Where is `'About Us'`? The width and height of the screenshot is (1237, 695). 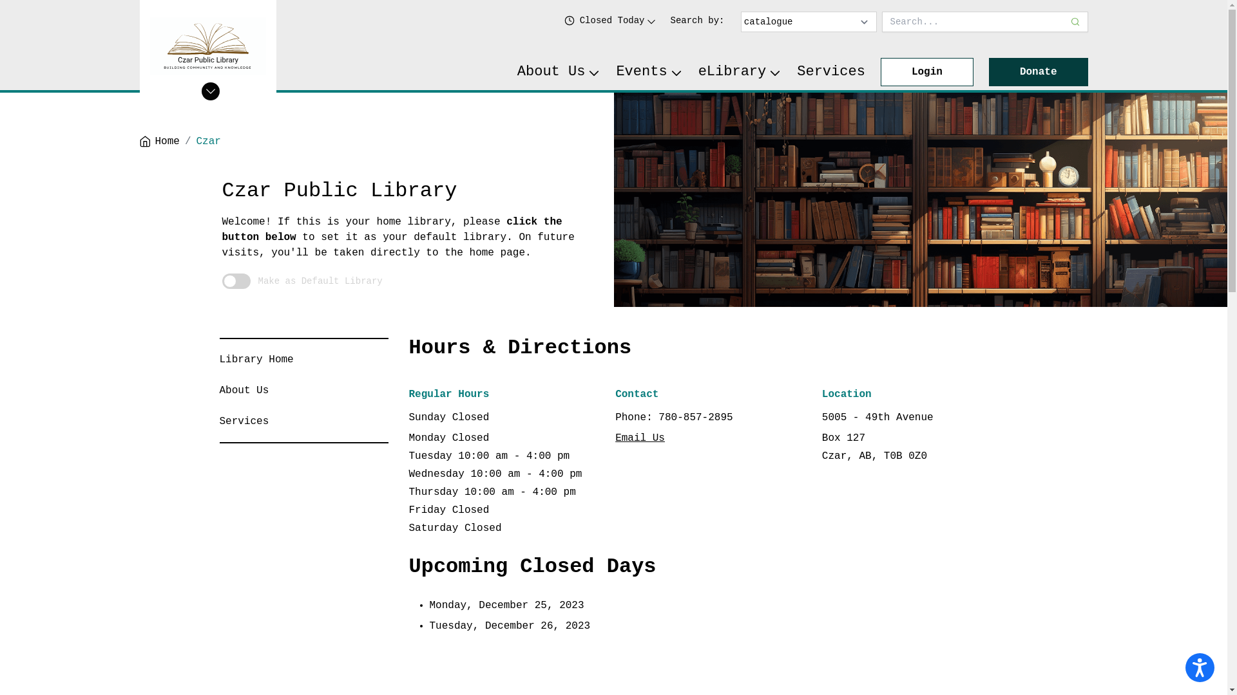
'About Us' is located at coordinates (244, 389).